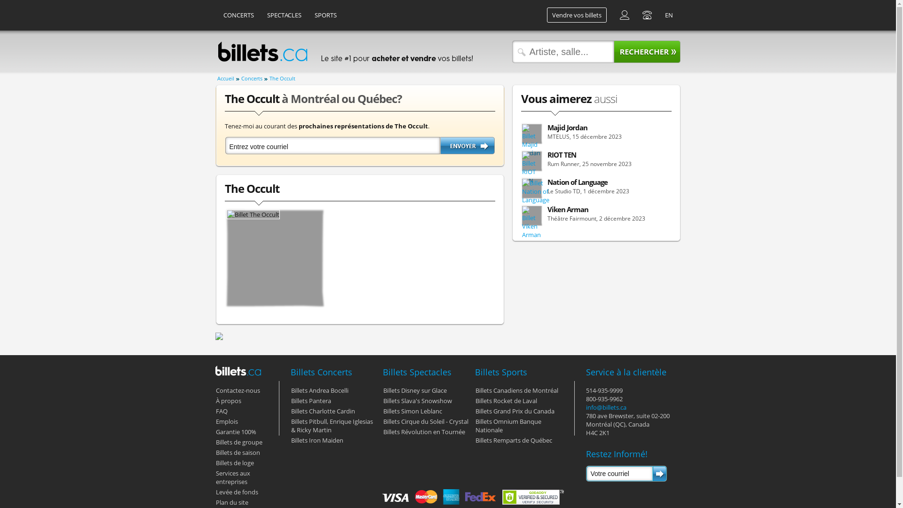 Image resolution: width=903 pixels, height=508 pixels. Describe the element at coordinates (576, 15) in the screenshot. I see `'Vendre vos billets'` at that location.